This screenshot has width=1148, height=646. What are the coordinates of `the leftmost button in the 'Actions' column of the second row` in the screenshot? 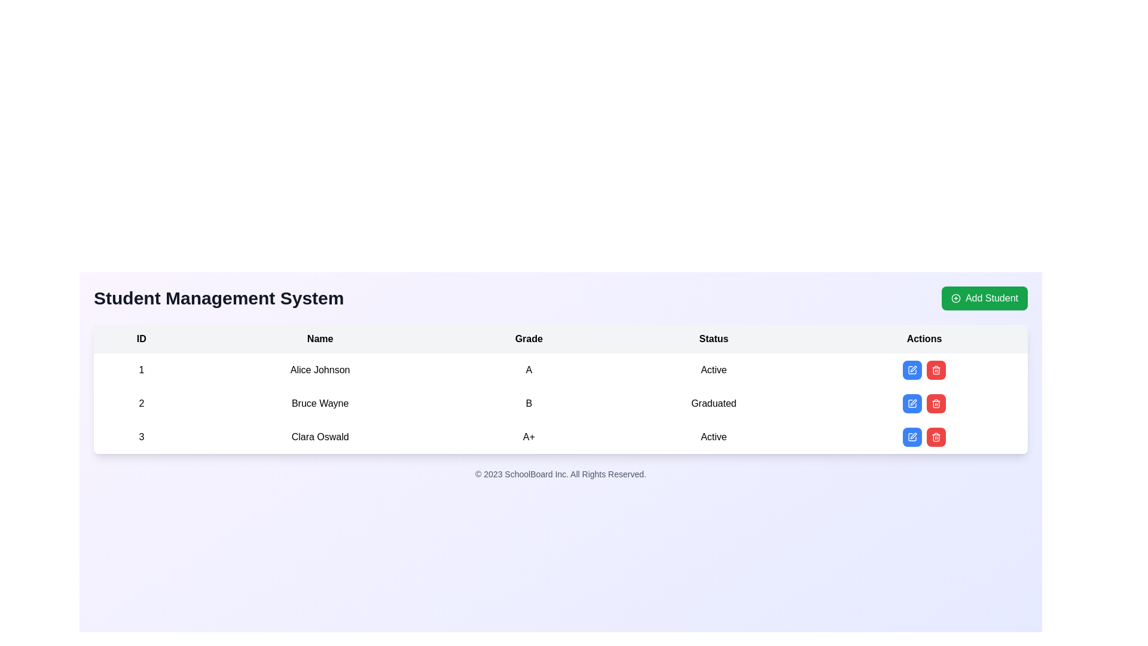 It's located at (912, 404).